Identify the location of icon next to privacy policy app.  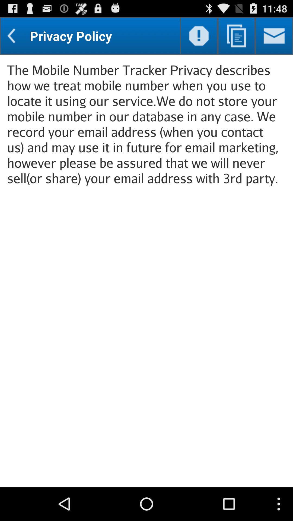
(199, 36).